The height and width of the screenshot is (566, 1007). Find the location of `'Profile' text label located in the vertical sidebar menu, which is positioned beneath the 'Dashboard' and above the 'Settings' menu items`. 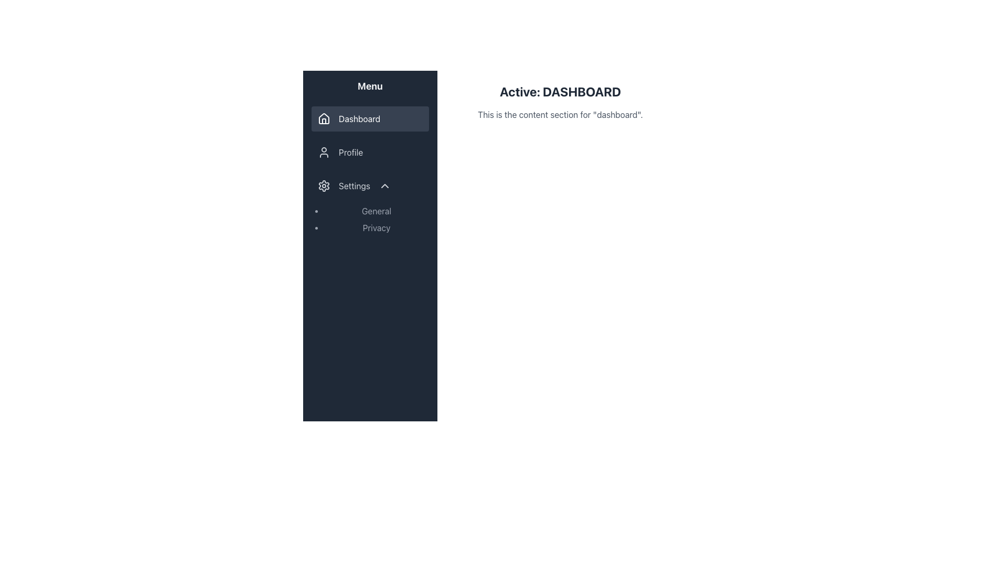

'Profile' text label located in the vertical sidebar menu, which is positioned beneath the 'Dashboard' and above the 'Settings' menu items is located at coordinates (351, 152).